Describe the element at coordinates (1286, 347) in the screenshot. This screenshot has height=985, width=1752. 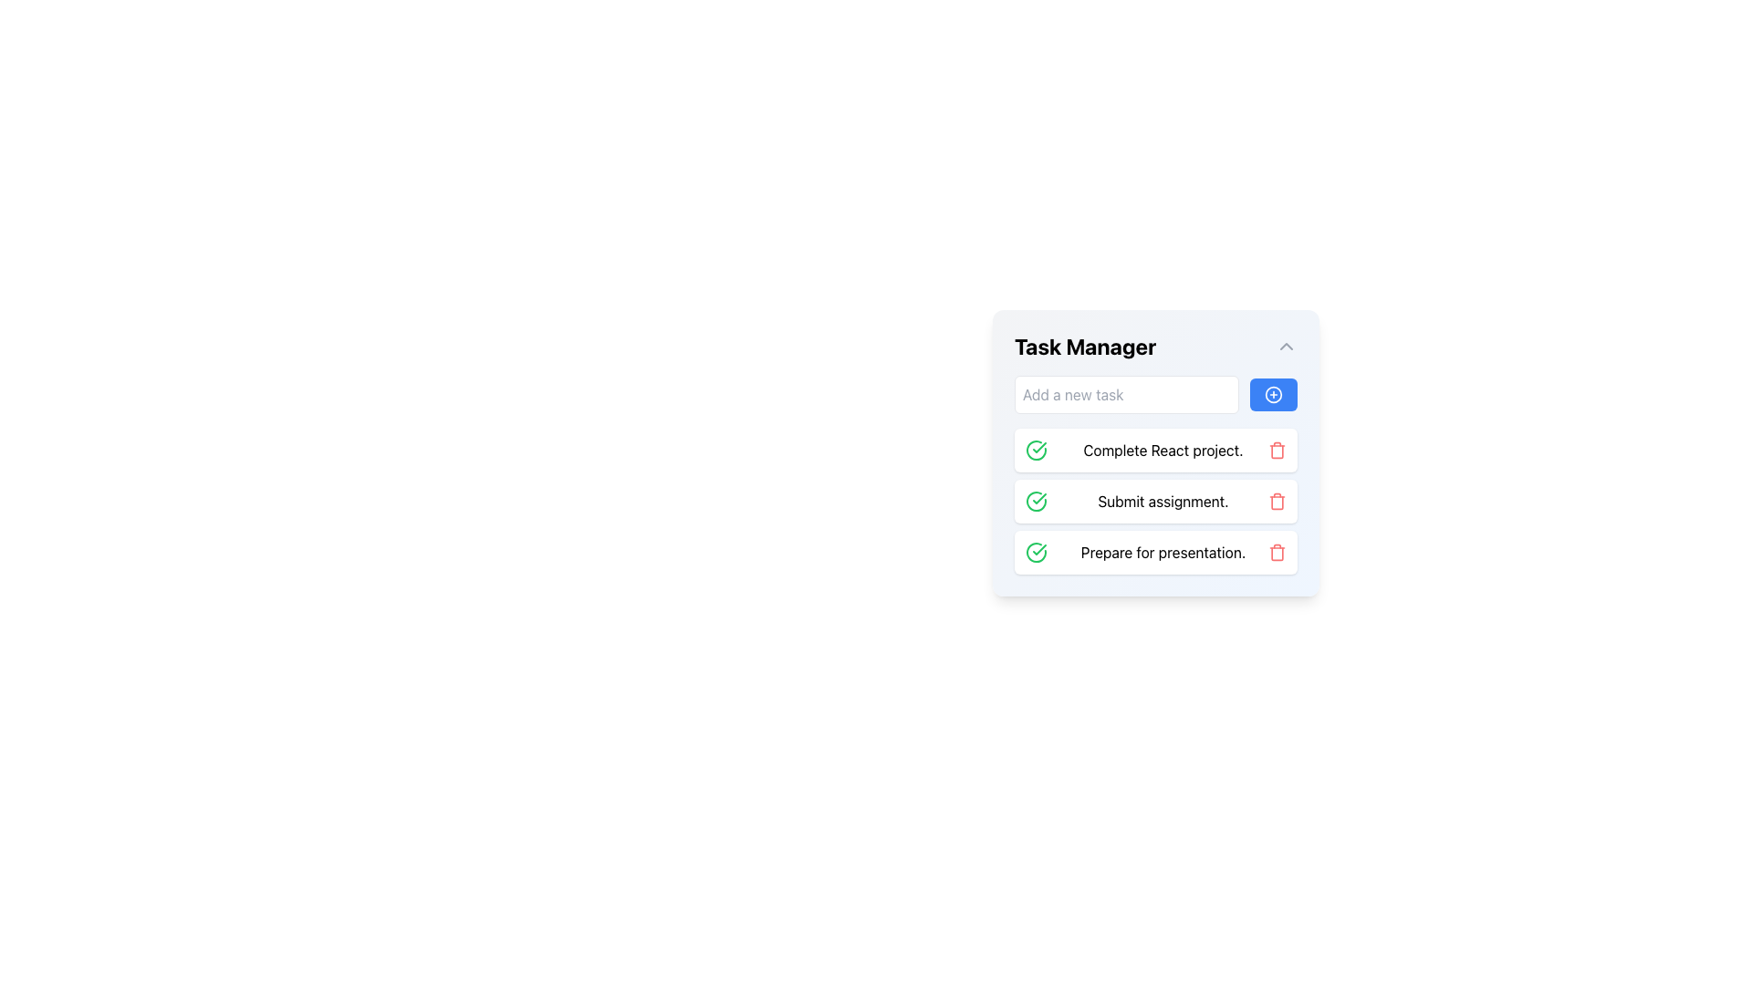
I see `the collapsible toggle button located at the top-right corner of the 'Task Manager' panel, adjacent` at that location.